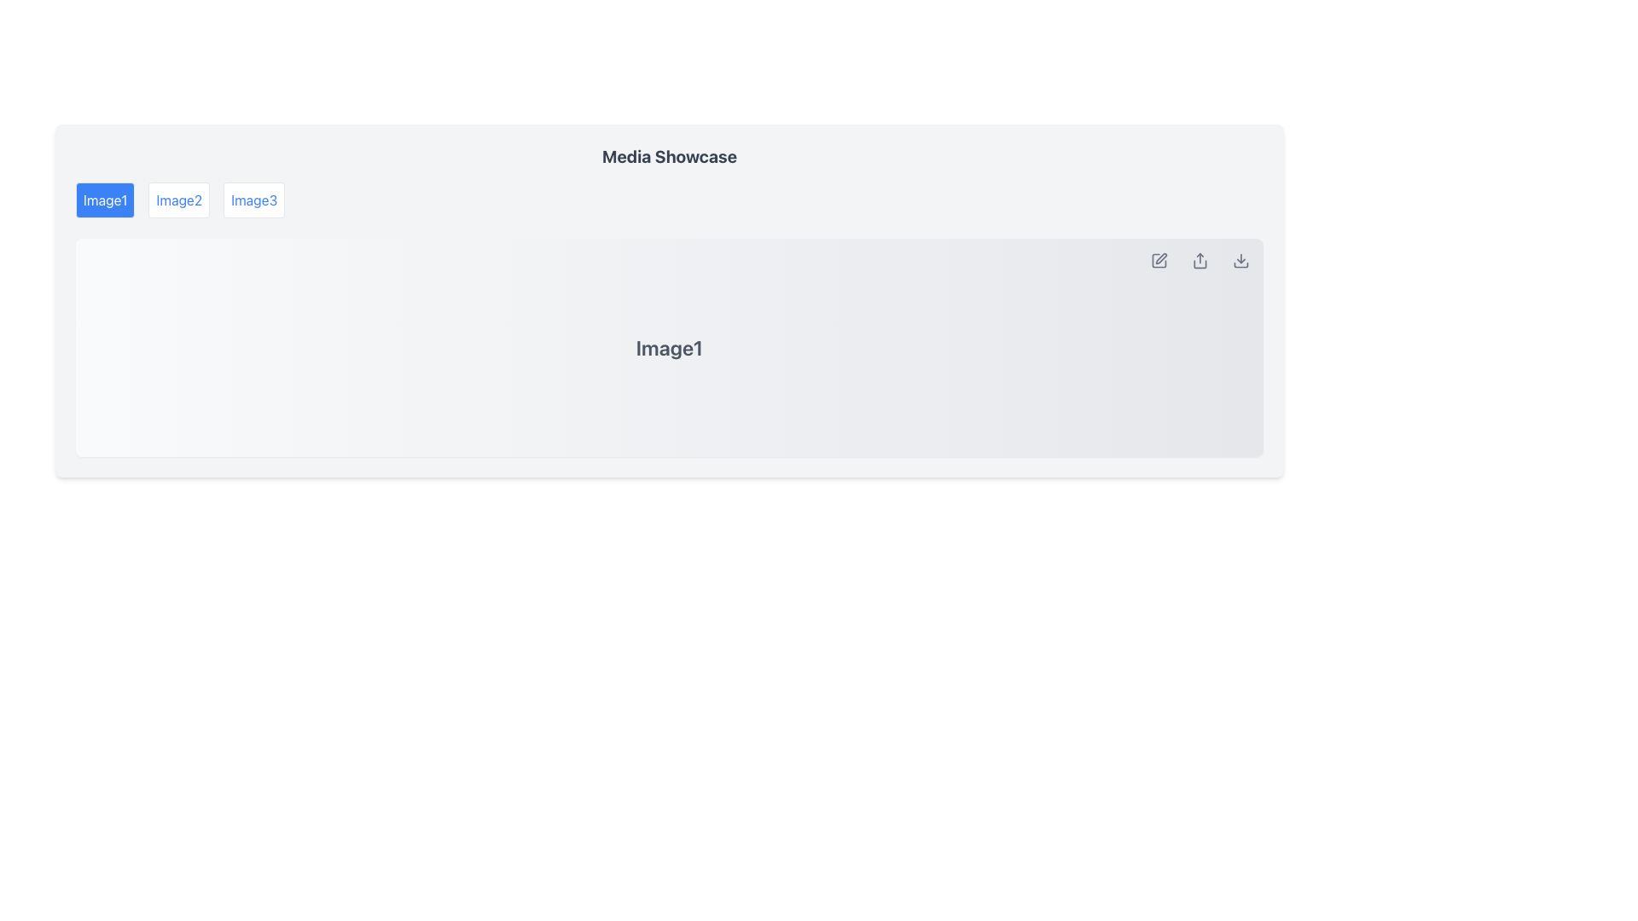 The image size is (1638, 921). What do you see at coordinates (1199, 260) in the screenshot?
I see `the share button icon, which is the second icon from the right in the top right corner of the content area, to share the content` at bounding box center [1199, 260].